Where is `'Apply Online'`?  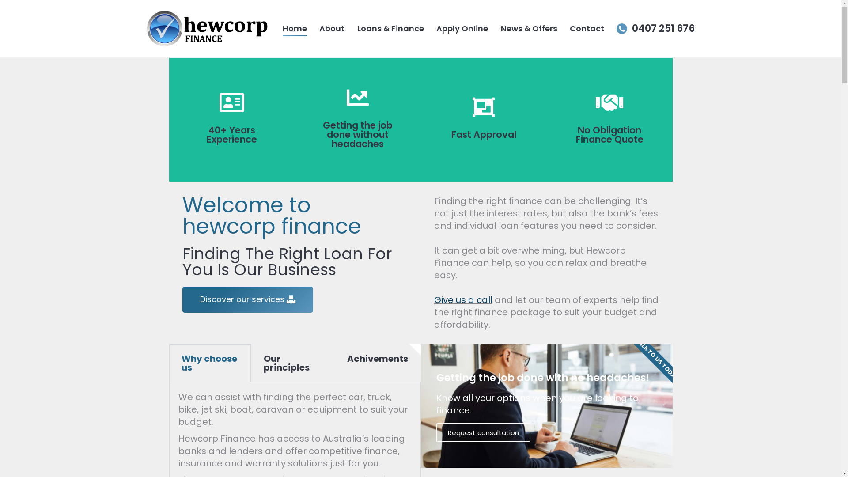
'Apply Online' is located at coordinates (462, 28).